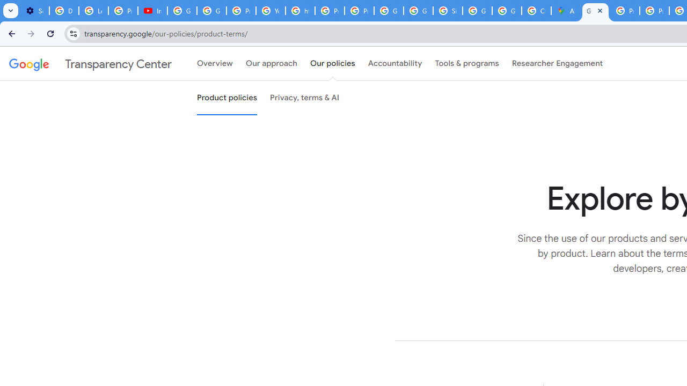  I want to click on 'Privacy, terms & AI', so click(304, 98).